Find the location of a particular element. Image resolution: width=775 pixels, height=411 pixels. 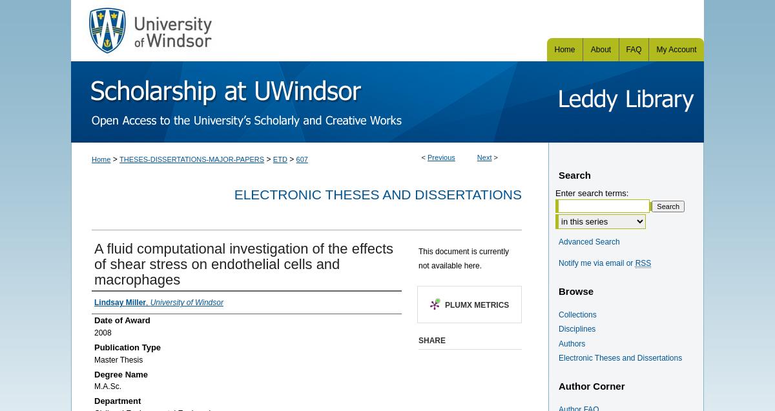

'<' is located at coordinates (420, 156).